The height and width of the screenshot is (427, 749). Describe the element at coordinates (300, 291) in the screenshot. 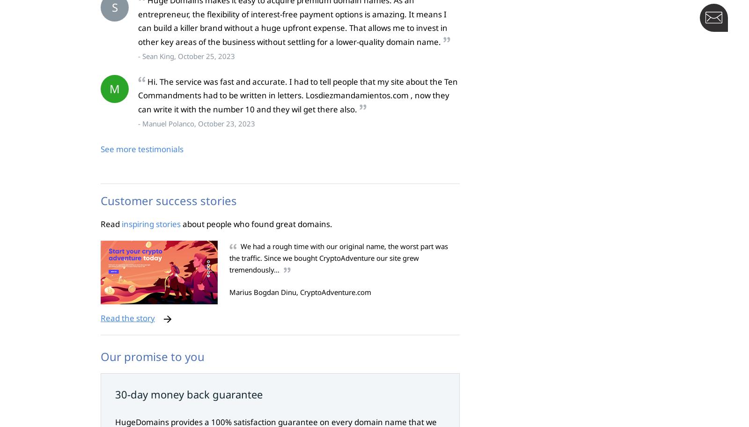

I see `'Marius Bogdan Dinu, CryptoAdventure.com'` at that location.